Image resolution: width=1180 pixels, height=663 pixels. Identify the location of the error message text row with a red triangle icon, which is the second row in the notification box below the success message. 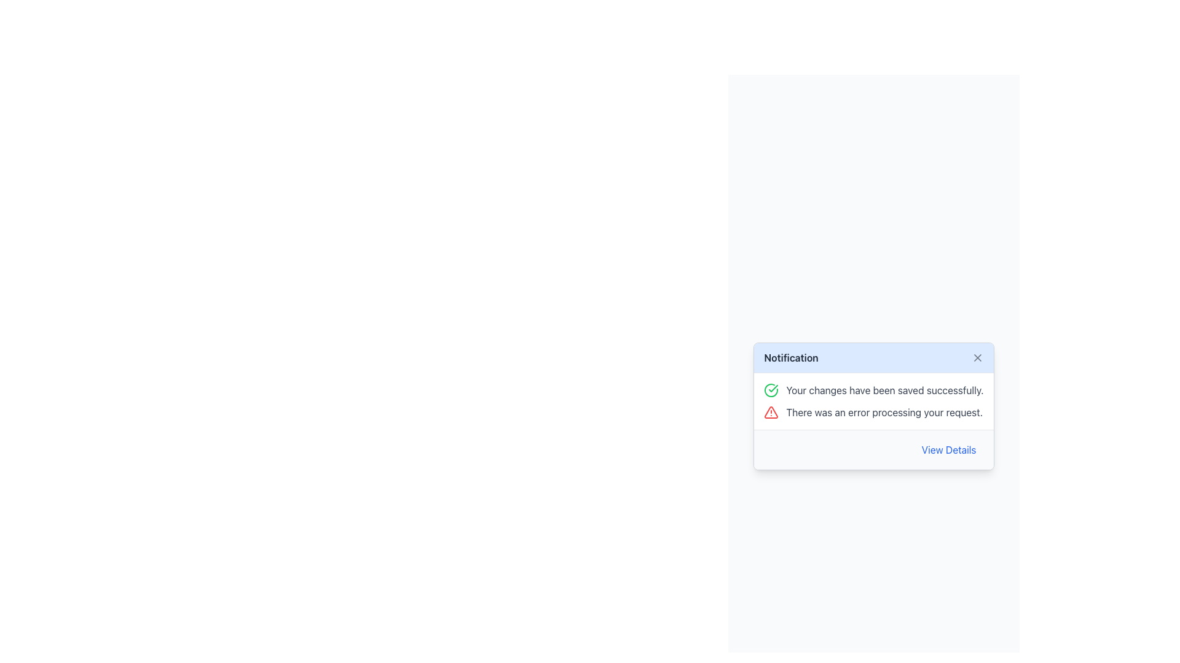
(873, 412).